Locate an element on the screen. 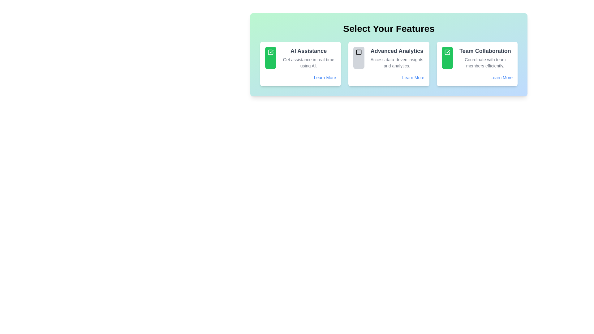 The width and height of the screenshot is (594, 334). the SVG graphical element, which is a square with rounded corners and a distinct border color, located within the second card of the 'Select Your Features' section is located at coordinates (359, 52).